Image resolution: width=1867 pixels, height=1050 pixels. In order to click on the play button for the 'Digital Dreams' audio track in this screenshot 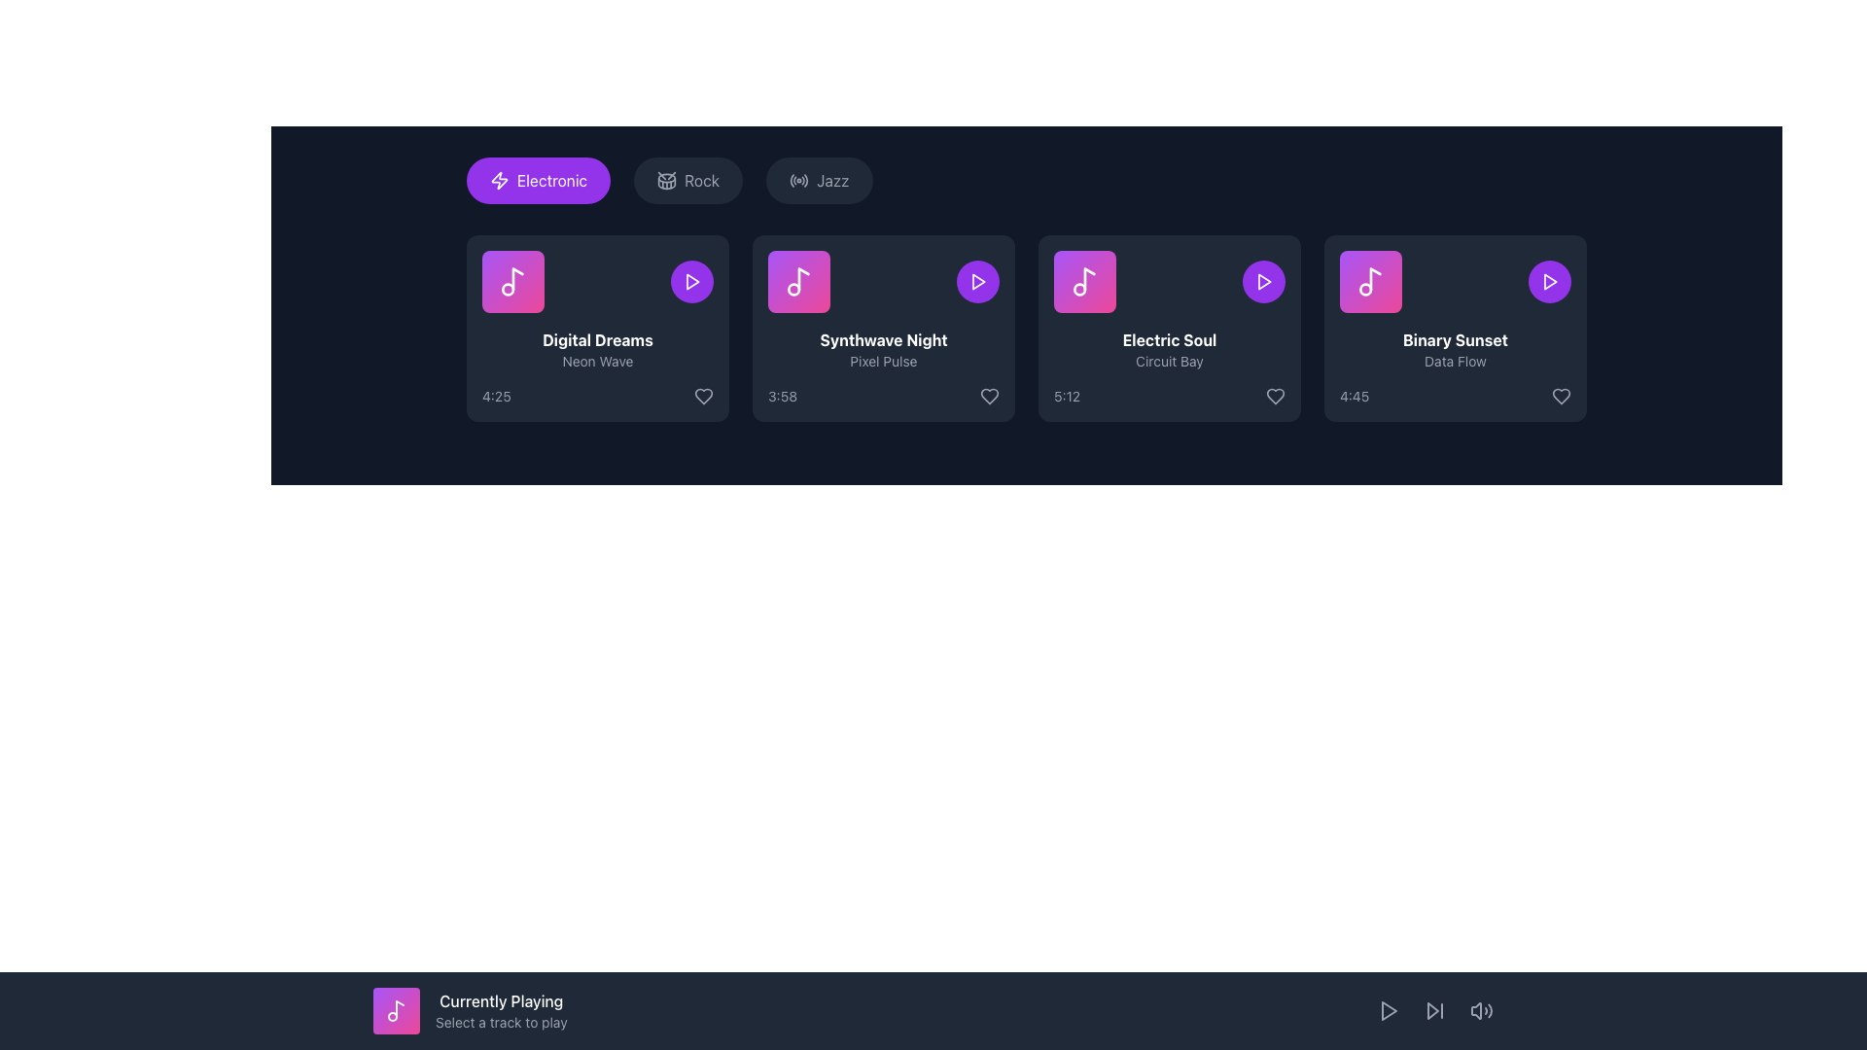, I will do `click(691, 281)`.